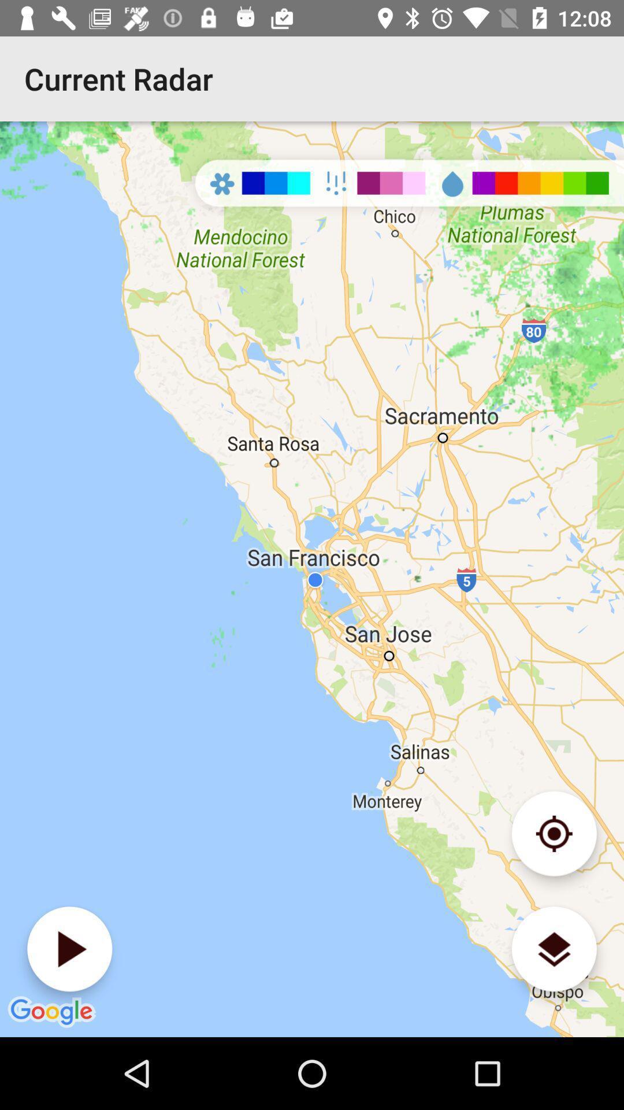  Describe the element at coordinates (69, 949) in the screenshot. I see `the play icon` at that location.